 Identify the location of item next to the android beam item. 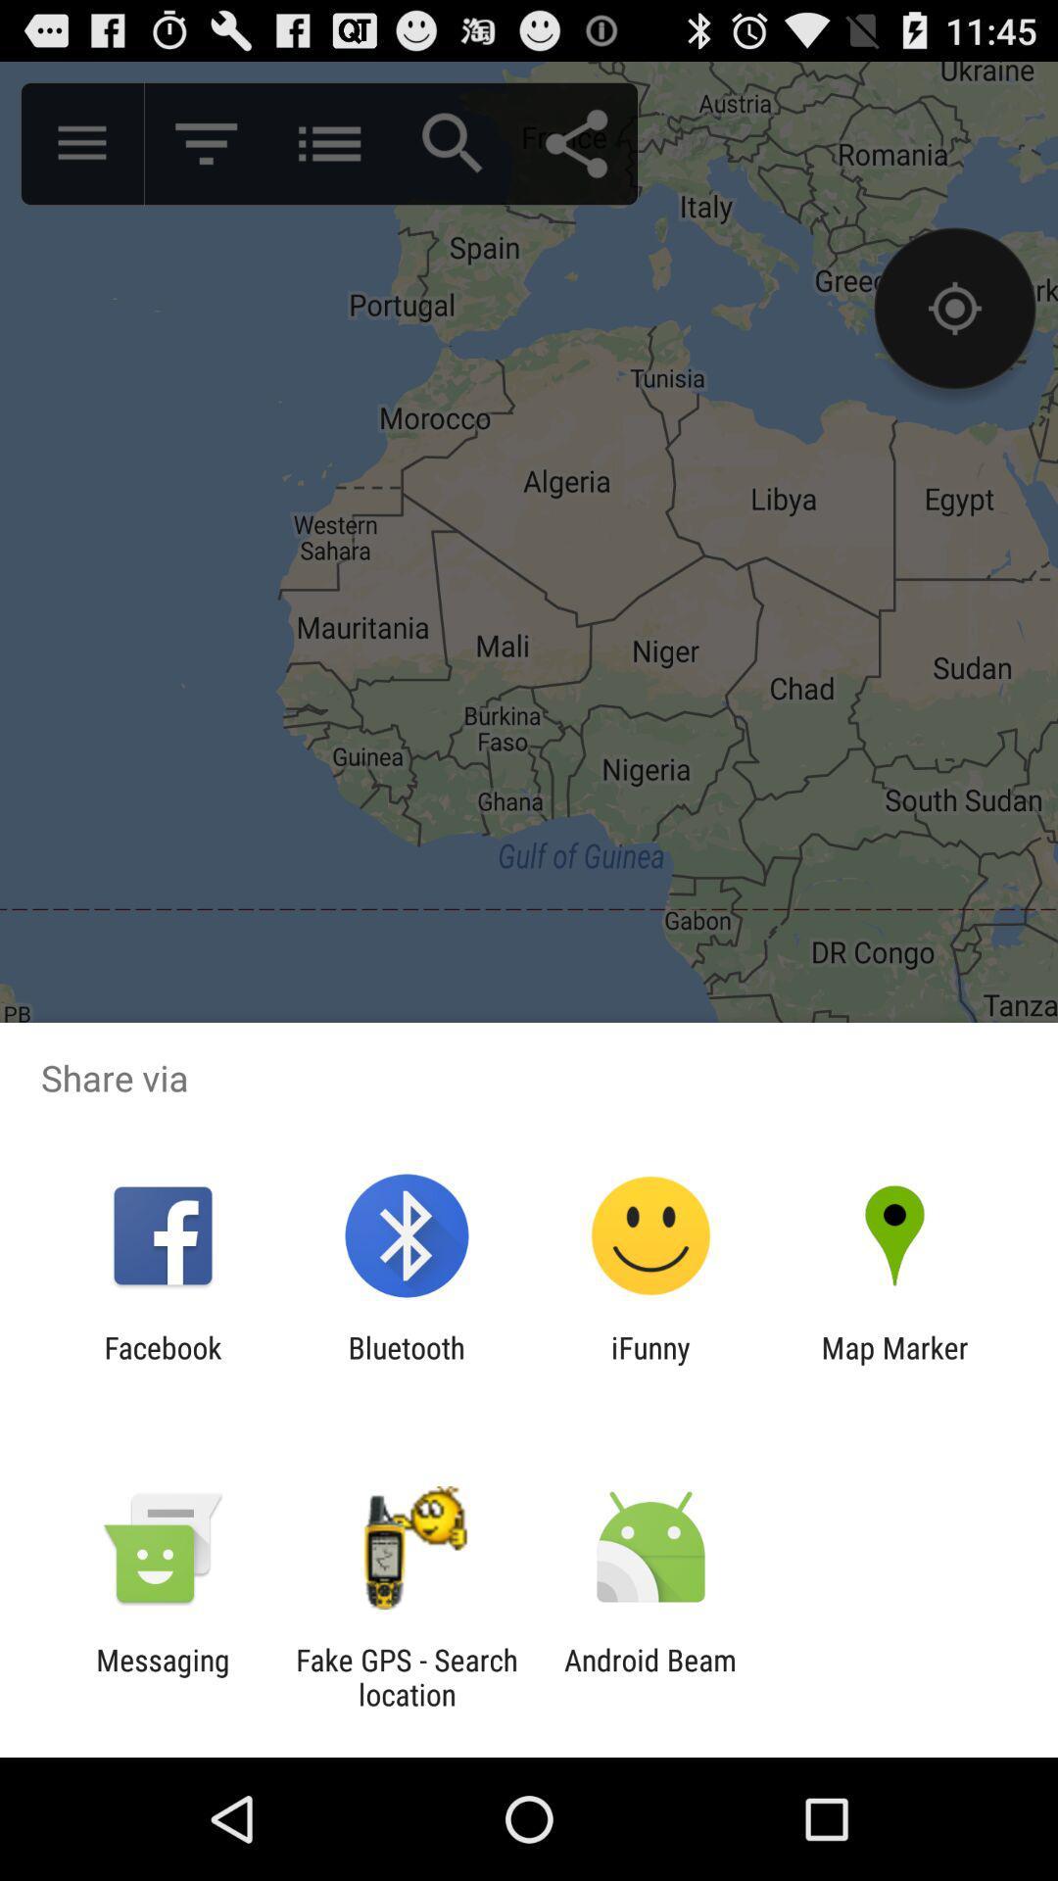
(406, 1676).